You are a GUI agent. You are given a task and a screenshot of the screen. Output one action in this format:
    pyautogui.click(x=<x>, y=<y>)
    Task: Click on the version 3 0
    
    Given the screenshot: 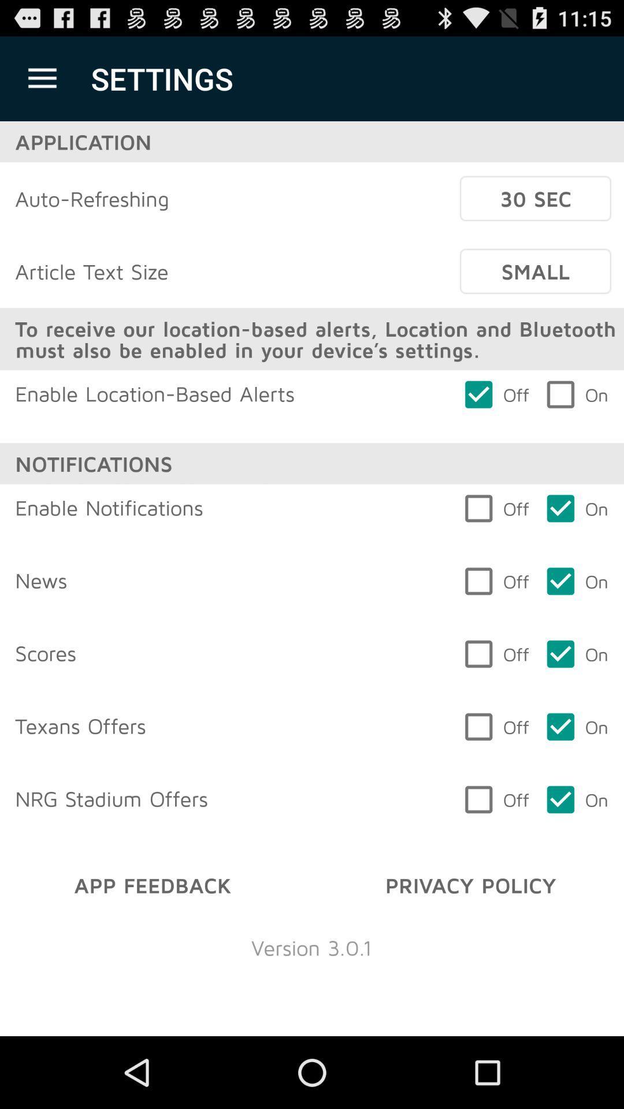 What is the action you would take?
    pyautogui.click(x=311, y=947)
    